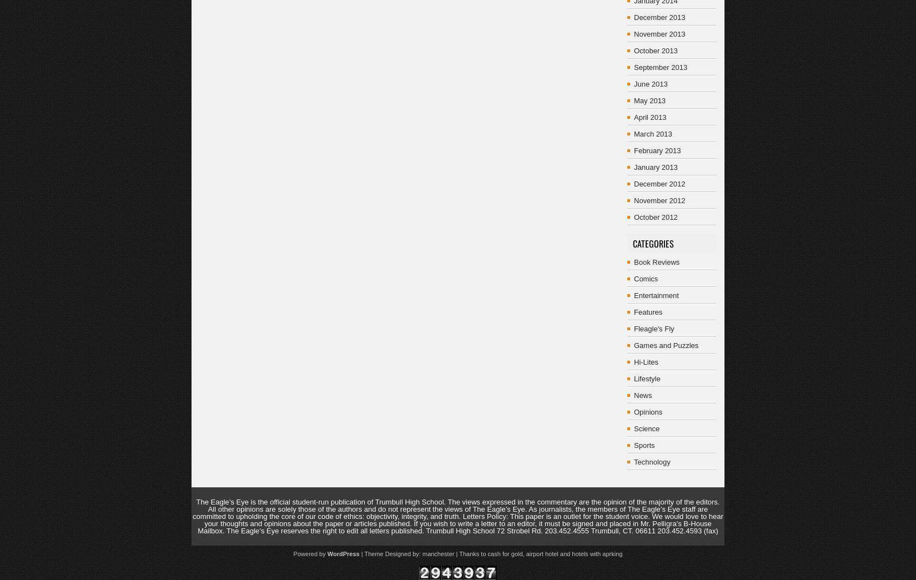  Describe the element at coordinates (646, 278) in the screenshot. I see `'Comics'` at that location.